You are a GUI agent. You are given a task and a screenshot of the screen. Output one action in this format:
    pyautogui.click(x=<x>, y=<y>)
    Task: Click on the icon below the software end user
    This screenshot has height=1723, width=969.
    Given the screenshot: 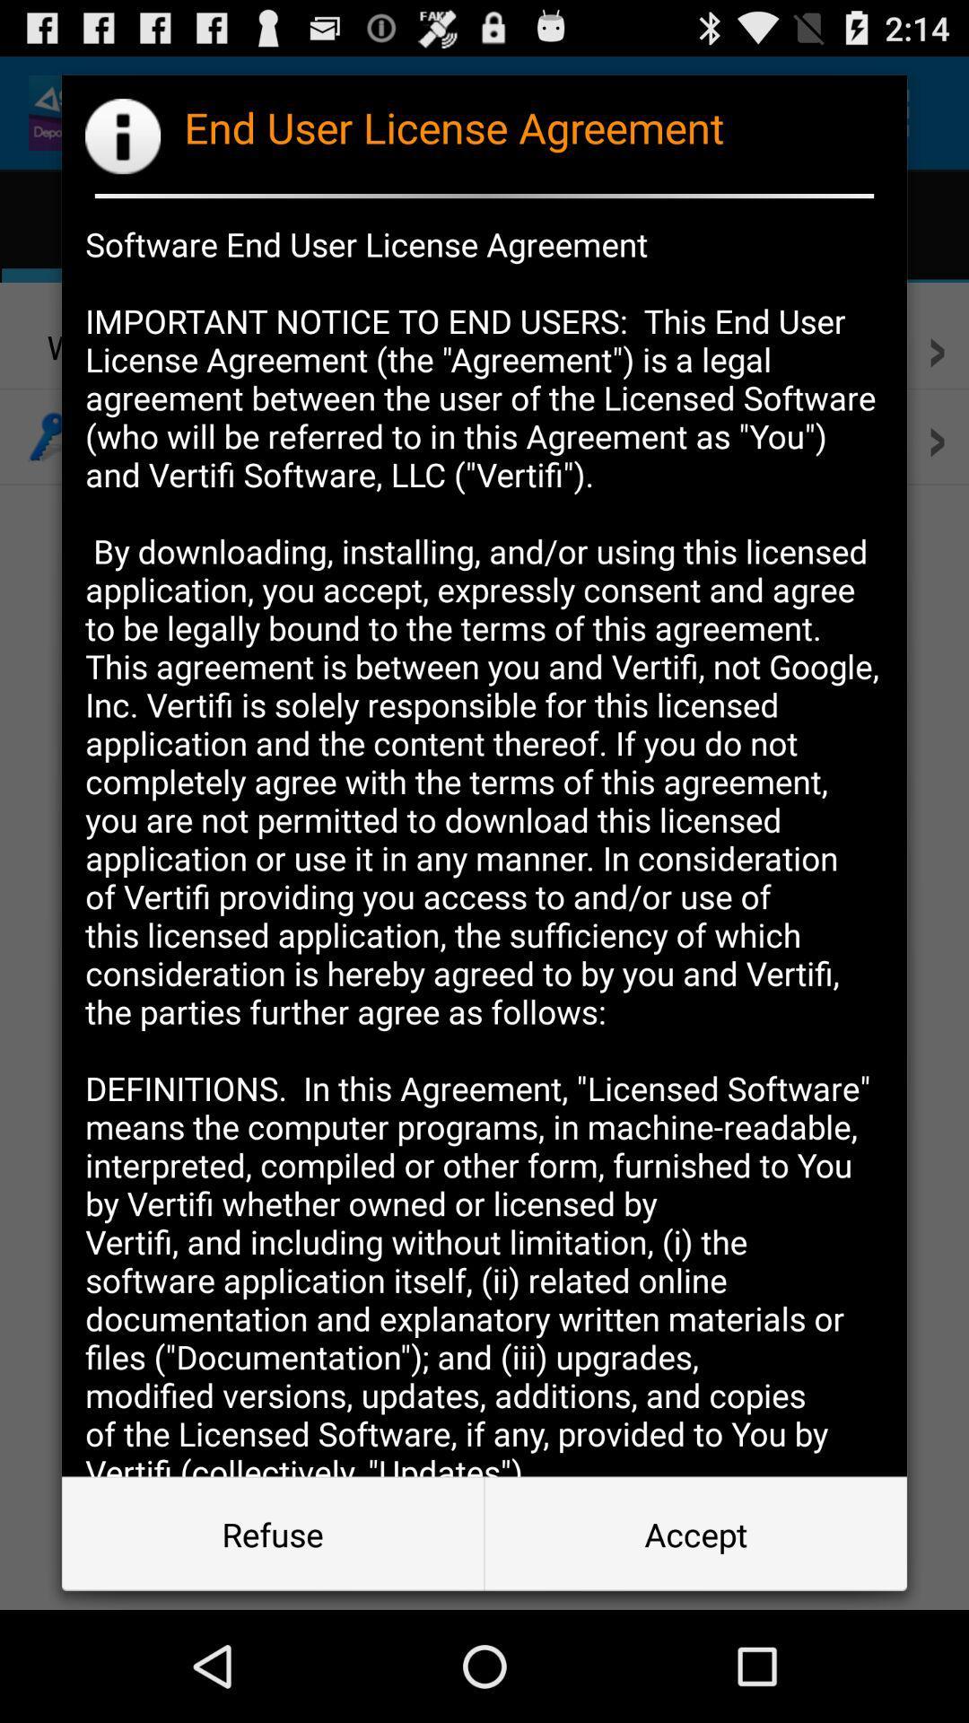 What is the action you would take?
    pyautogui.click(x=273, y=1533)
    